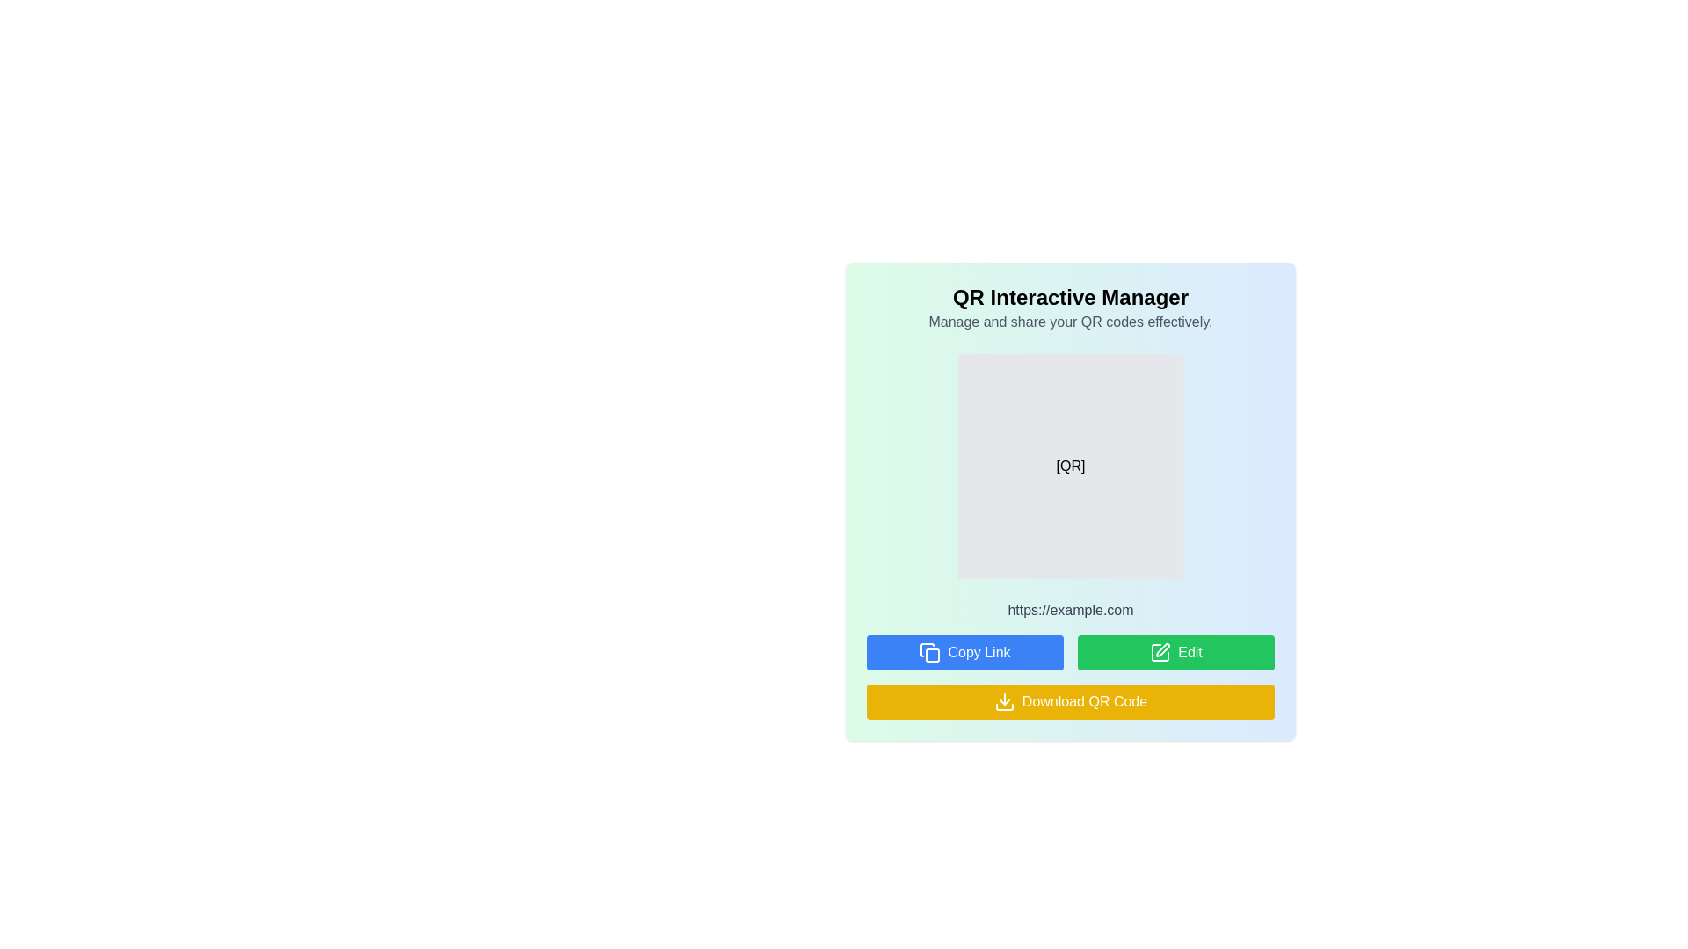  Describe the element at coordinates (1070, 466) in the screenshot. I see `the Image Display Area located under the 'QR Interactive Manager' section, which serves as a placeholder for QR code information` at that location.